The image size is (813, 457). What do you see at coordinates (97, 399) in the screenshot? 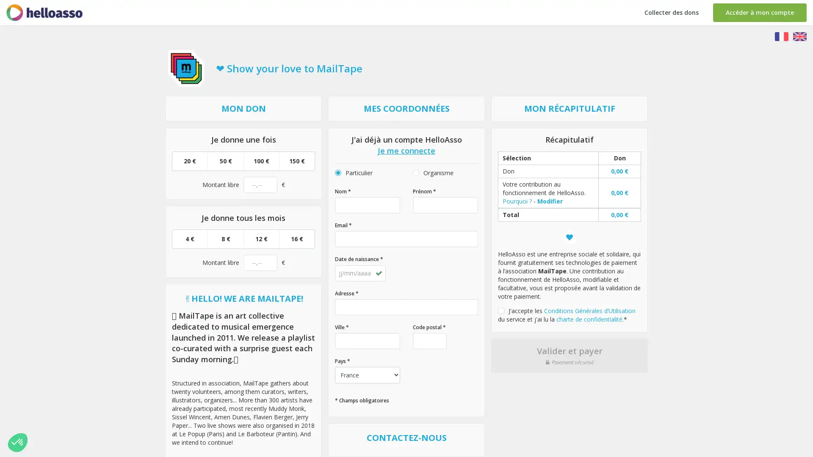
I see `Consentements certifies par` at bounding box center [97, 399].